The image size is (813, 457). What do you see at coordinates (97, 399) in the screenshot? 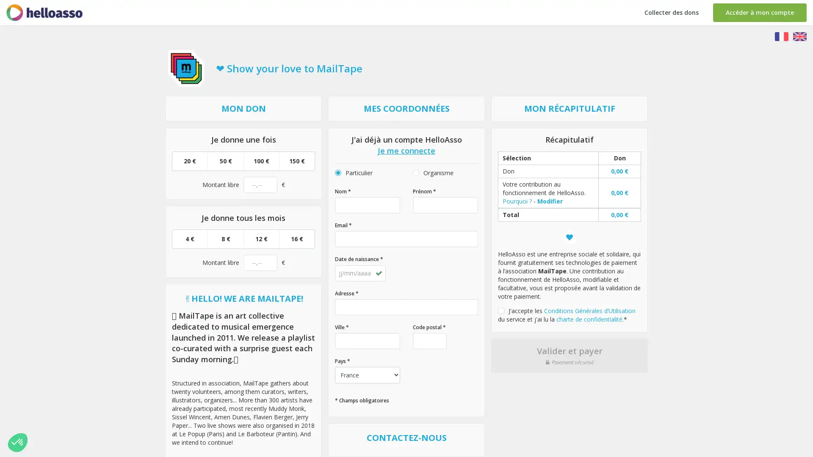
I see `Consentements certifies par` at bounding box center [97, 399].